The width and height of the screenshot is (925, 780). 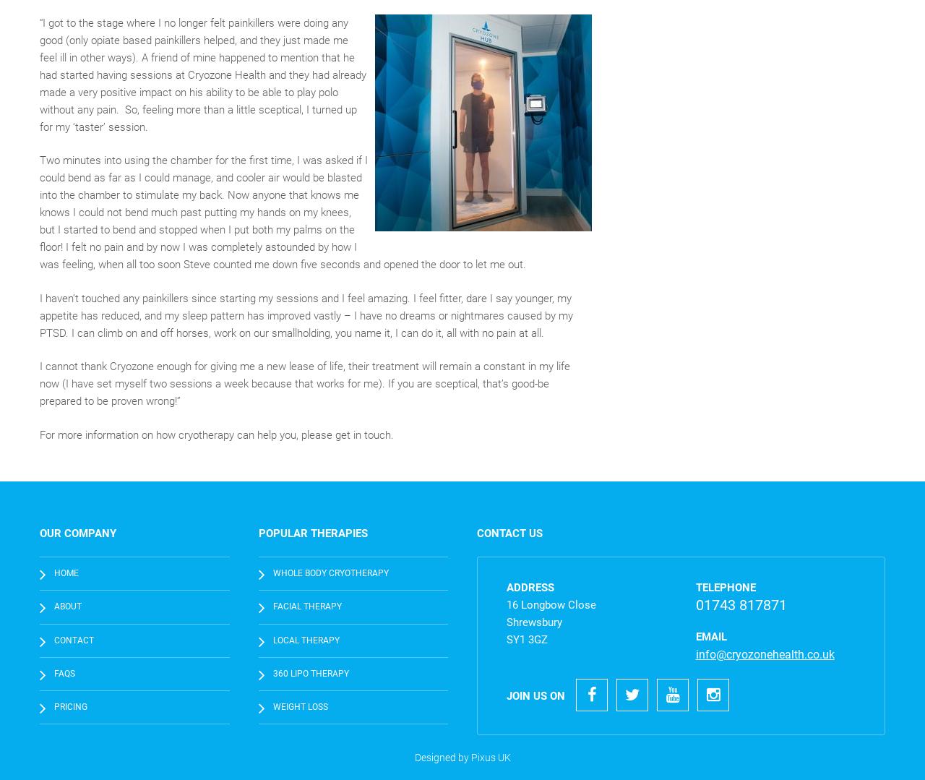 I want to click on 'I cannot thank Cryozone enough for giving me a new lease of life, their treatment will remain a constant in my life now (I have set myself two sessions a week because that works for me). If you are sceptical, that’s good-be prepared to be proven wrong!”', so click(x=304, y=383).